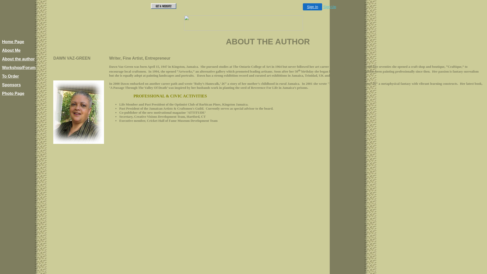 This screenshot has width=487, height=274. What do you see at coordinates (19, 67) in the screenshot?
I see `'Workshop/Forum'` at bounding box center [19, 67].